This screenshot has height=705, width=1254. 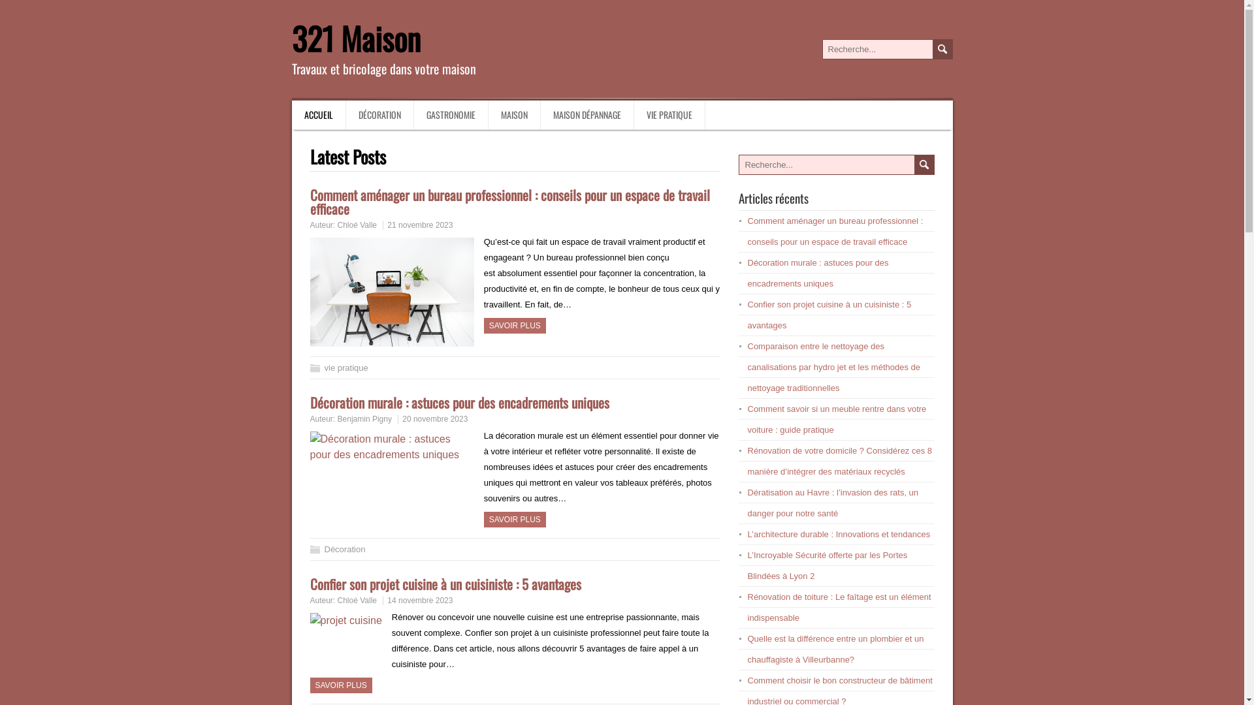 I want to click on 'MAISON', so click(x=513, y=114).